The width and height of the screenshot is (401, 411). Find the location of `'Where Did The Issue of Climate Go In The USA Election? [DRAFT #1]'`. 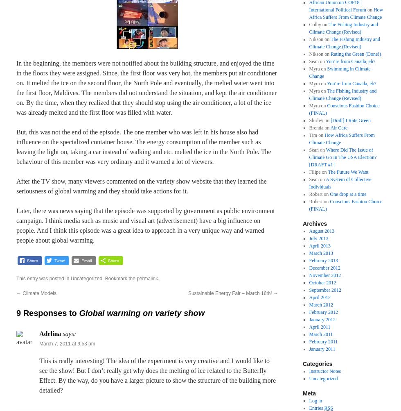

'Where Did The Issue of Climate Go In The USA Election? [DRAFT #1]' is located at coordinates (342, 157).